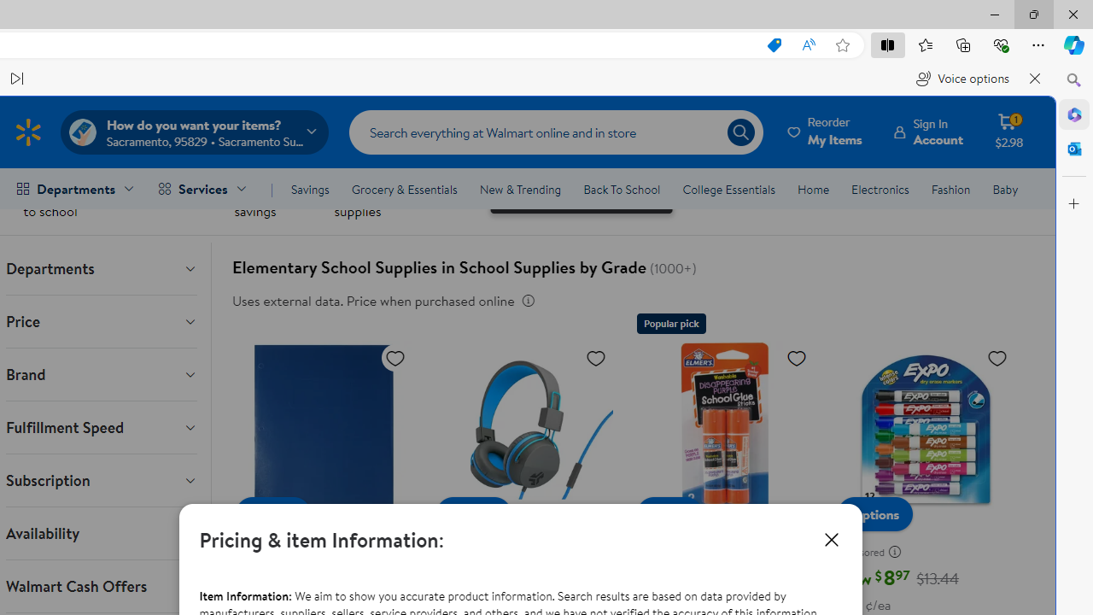  Describe the element at coordinates (1073, 80) in the screenshot. I see `'Close Search pane'` at that location.